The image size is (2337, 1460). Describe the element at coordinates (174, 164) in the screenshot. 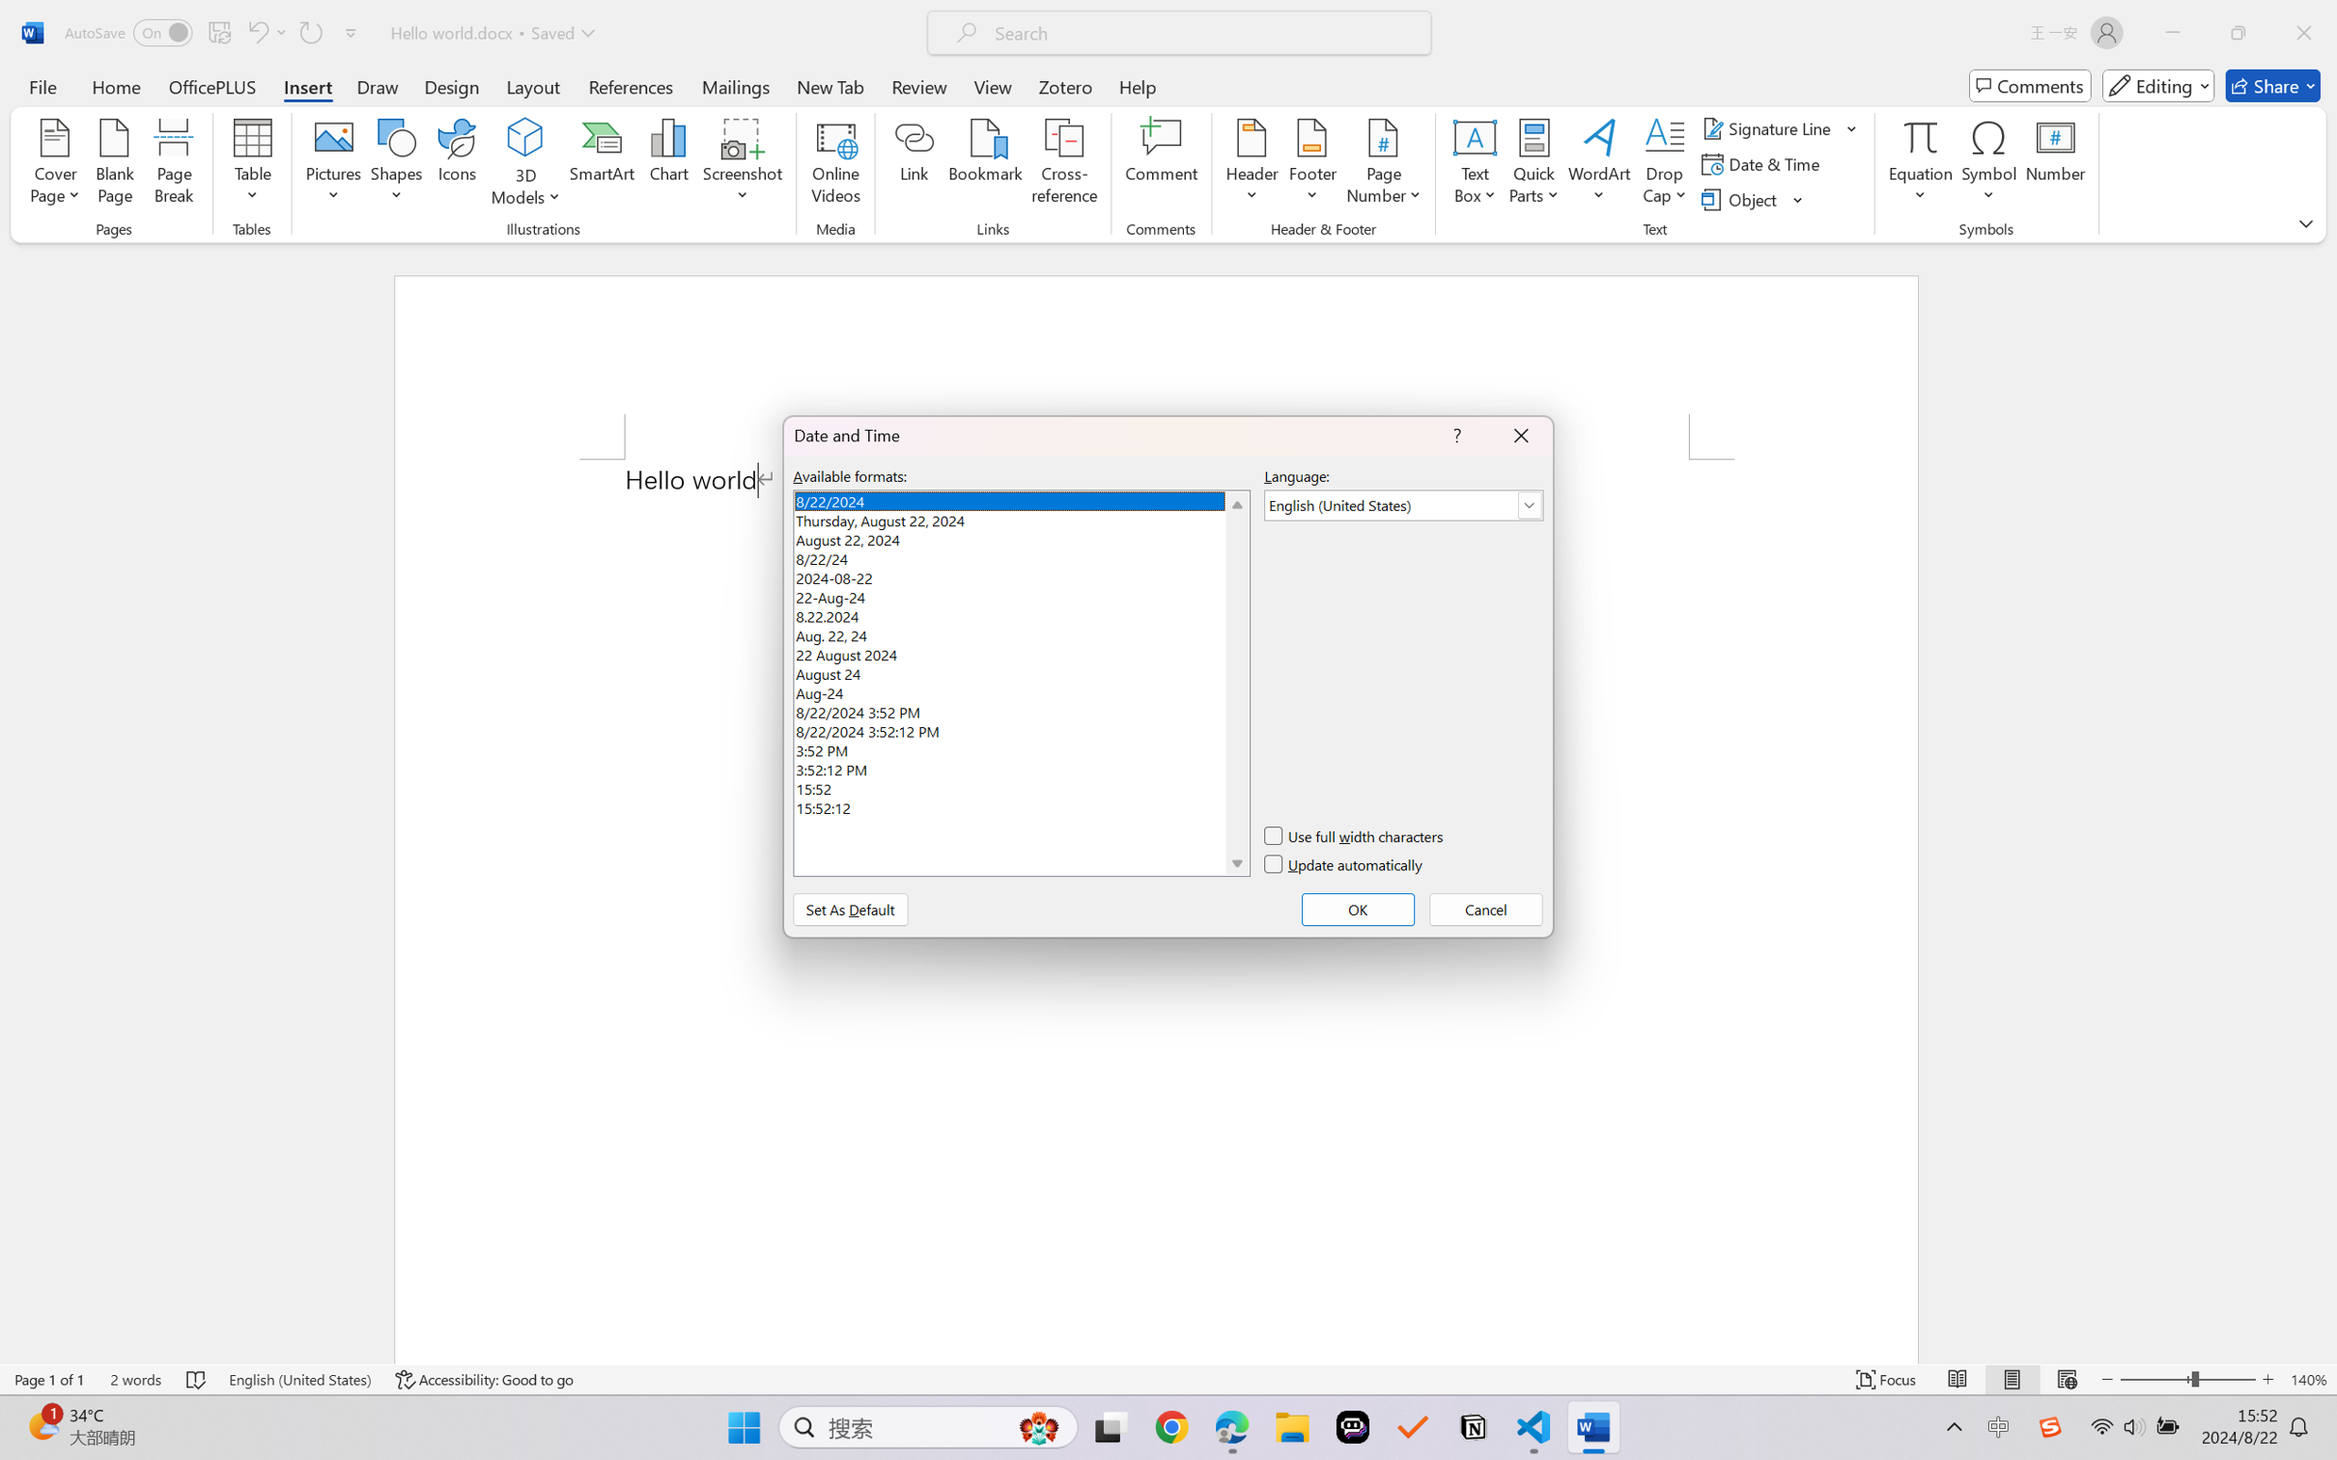

I see `'Page Break'` at that location.